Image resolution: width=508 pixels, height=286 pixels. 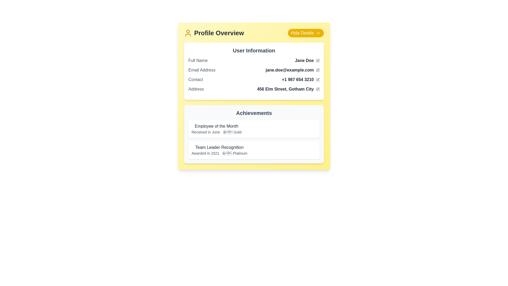 I want to click on the icon button resembling a pen or pencil located to the right of the text '456 Elm Street, Gotham City' in the 'Address' section of the profile card to initiate editing, so click(x=317, y=89).